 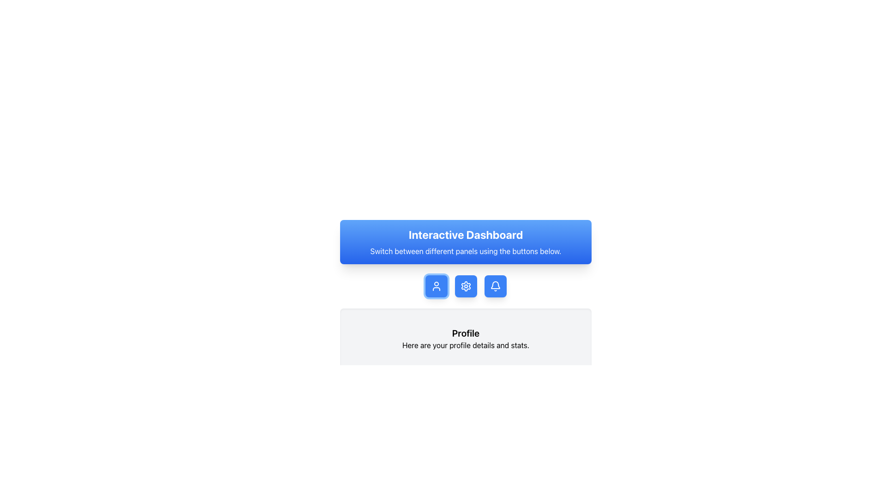 What do you see at coordinates (466, 333) in the screenshot?
I see `the text element labeled 'Profile', which is styled in bold, extra-large black font` at bounding box center [466, 333].